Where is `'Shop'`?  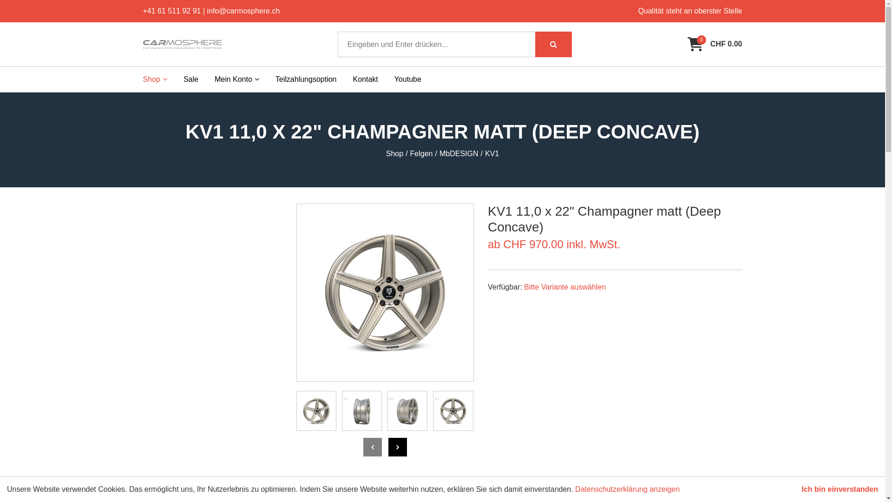 'Shop' is located at coordinates (386, 153).